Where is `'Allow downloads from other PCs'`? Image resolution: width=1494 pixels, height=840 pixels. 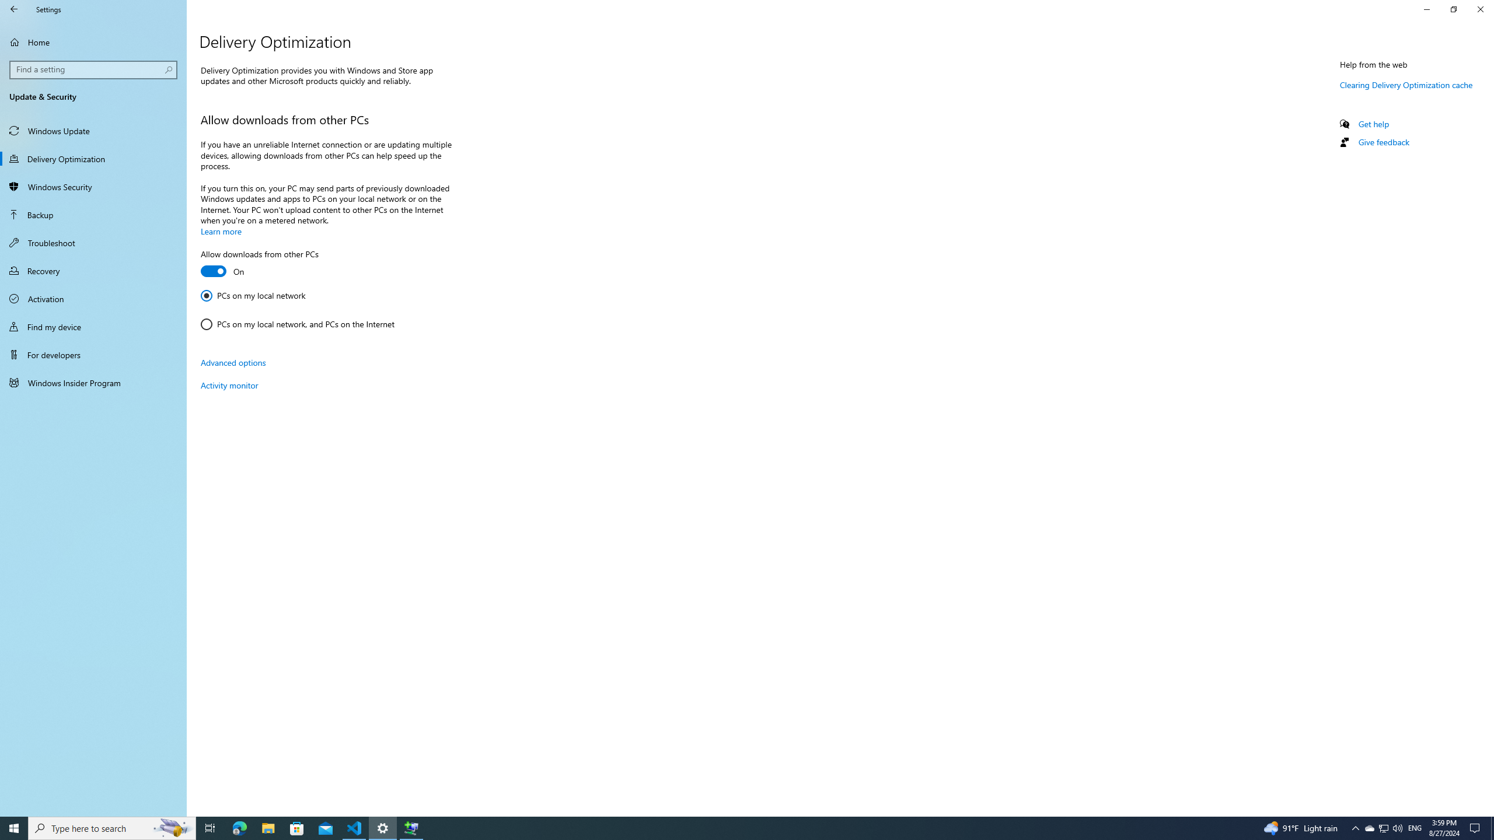
'Allow downloads from other PCs' is located at coordinates (259, 264).